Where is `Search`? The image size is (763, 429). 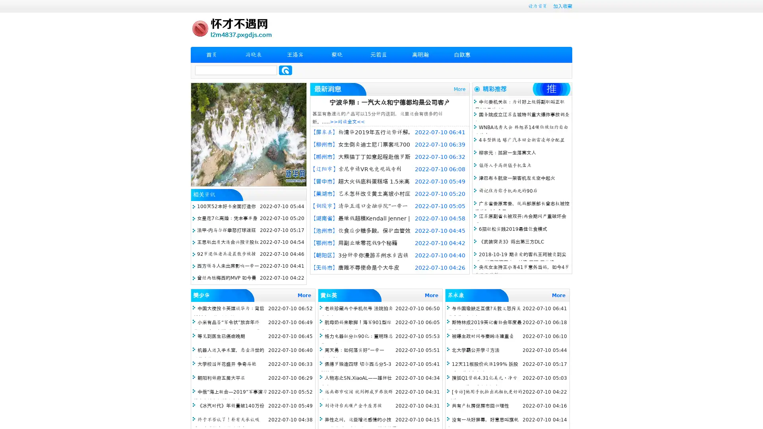 Search is located at coordinates (285, 70).